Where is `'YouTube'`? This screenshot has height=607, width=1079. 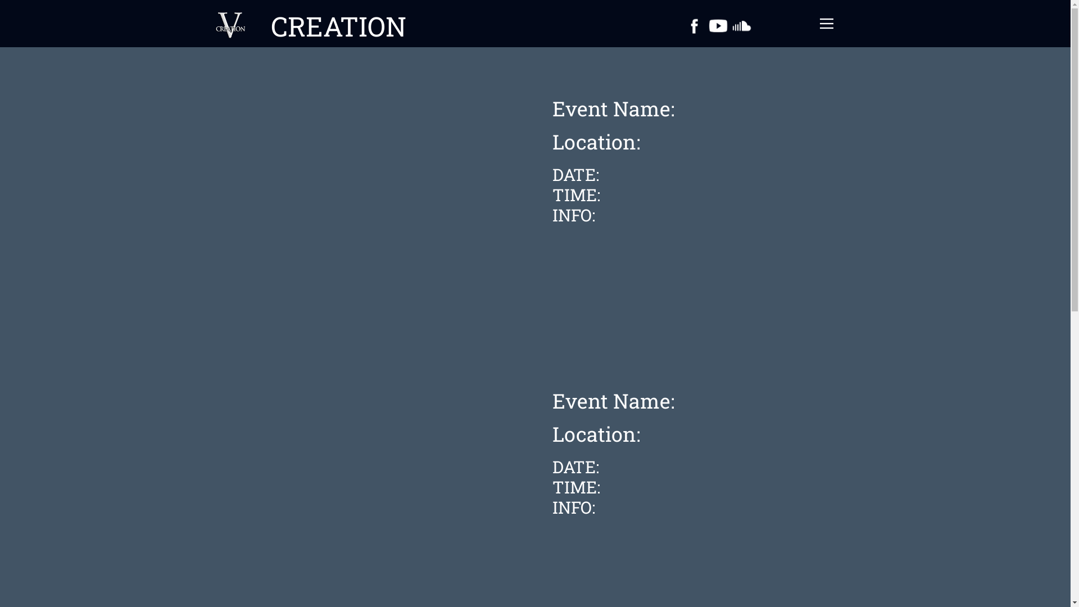
'YouTube' is located at coordinates (717, 25).